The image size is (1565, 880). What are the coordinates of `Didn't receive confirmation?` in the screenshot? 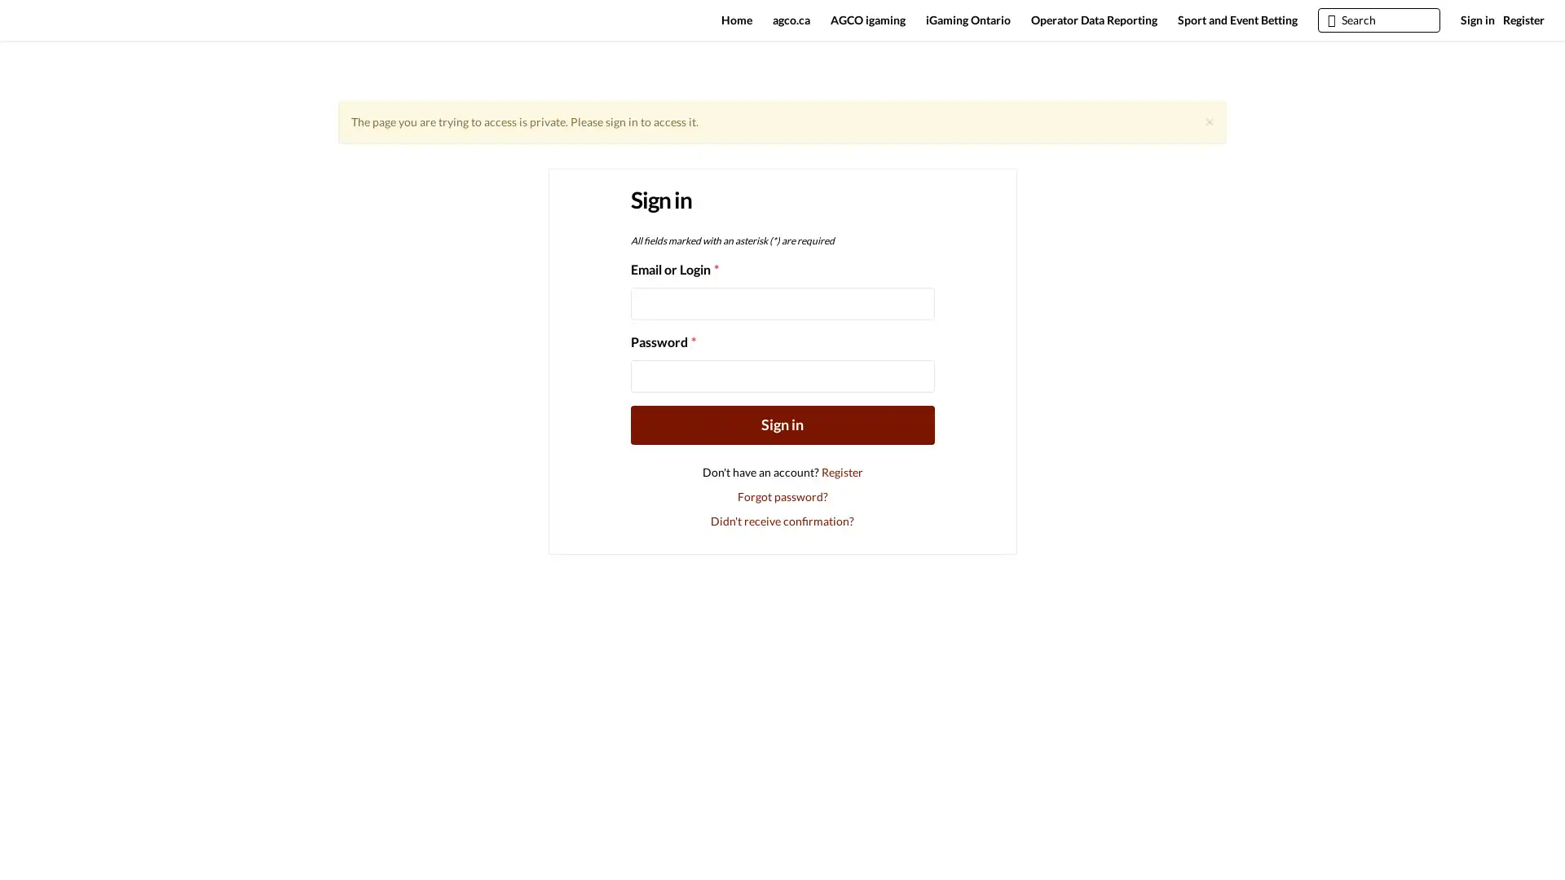 It's located at (782, 528).